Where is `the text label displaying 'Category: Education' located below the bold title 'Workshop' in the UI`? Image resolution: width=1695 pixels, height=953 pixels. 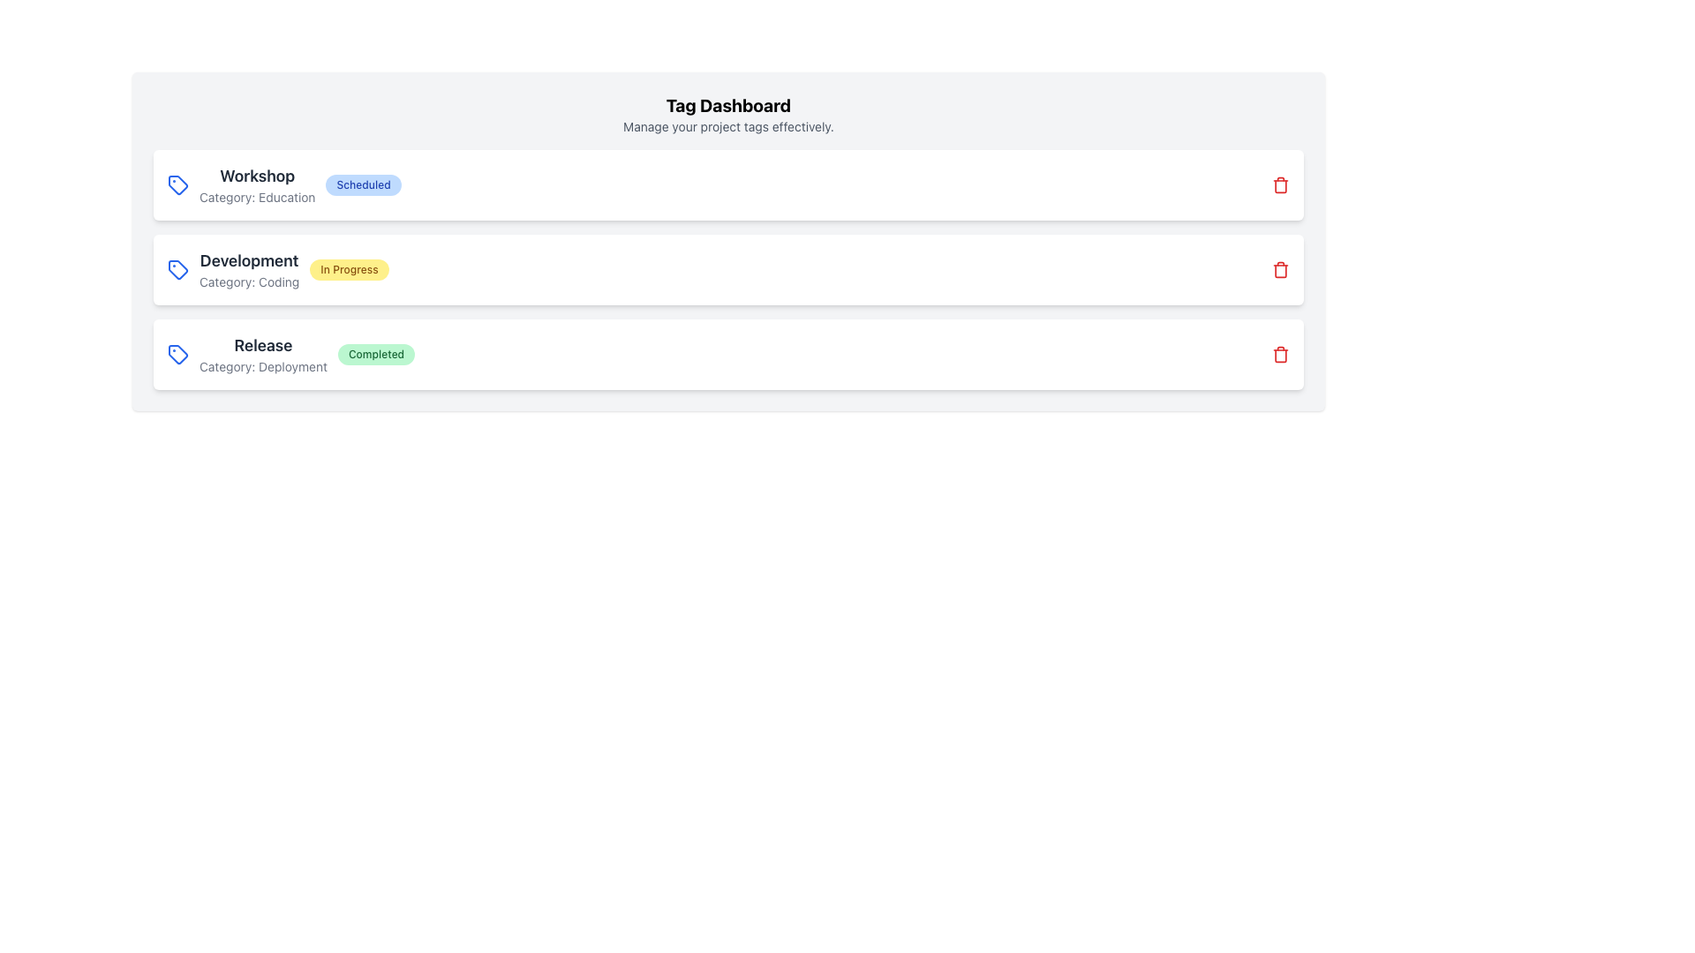 the text label displaying 'Category: Education' located below the bold title 'Workshop' in the UI is located at coordinates (256, 197).